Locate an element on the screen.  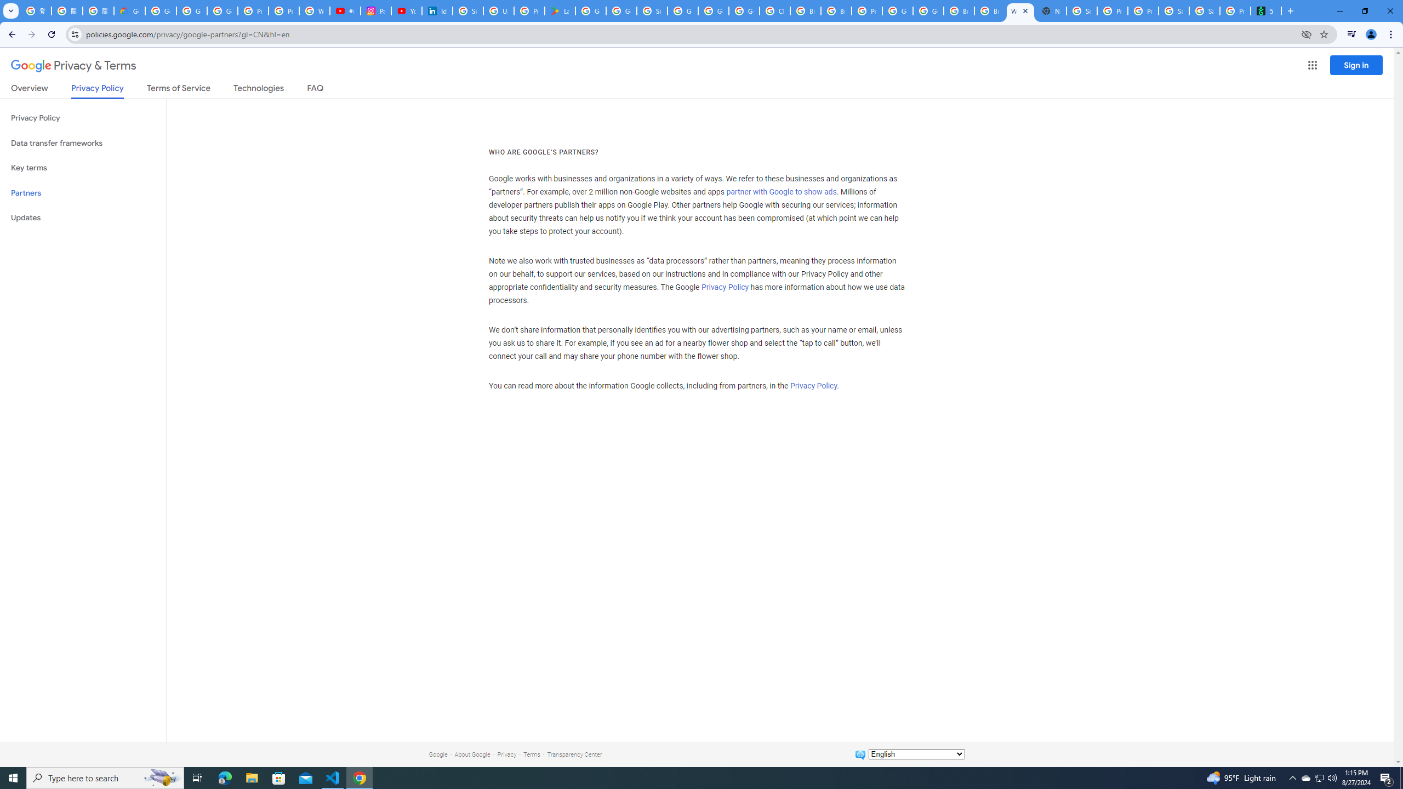
'Transparency Center' is located at coordinates (574, 754).